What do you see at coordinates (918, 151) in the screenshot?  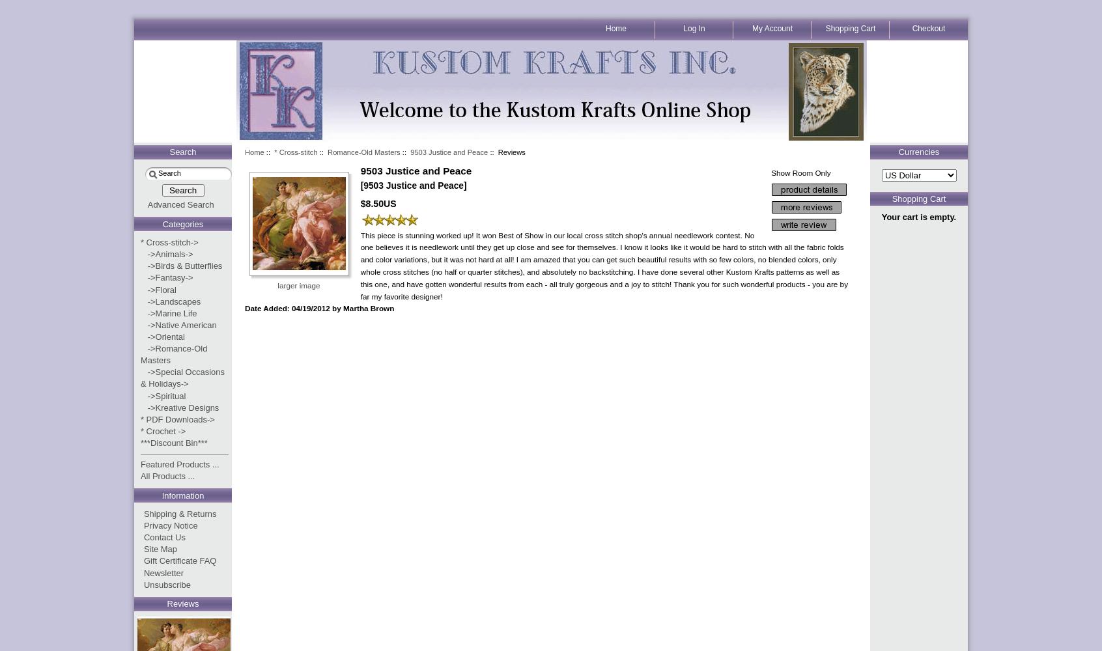 I see `'Currencies'` at bounding box center [918, 151].